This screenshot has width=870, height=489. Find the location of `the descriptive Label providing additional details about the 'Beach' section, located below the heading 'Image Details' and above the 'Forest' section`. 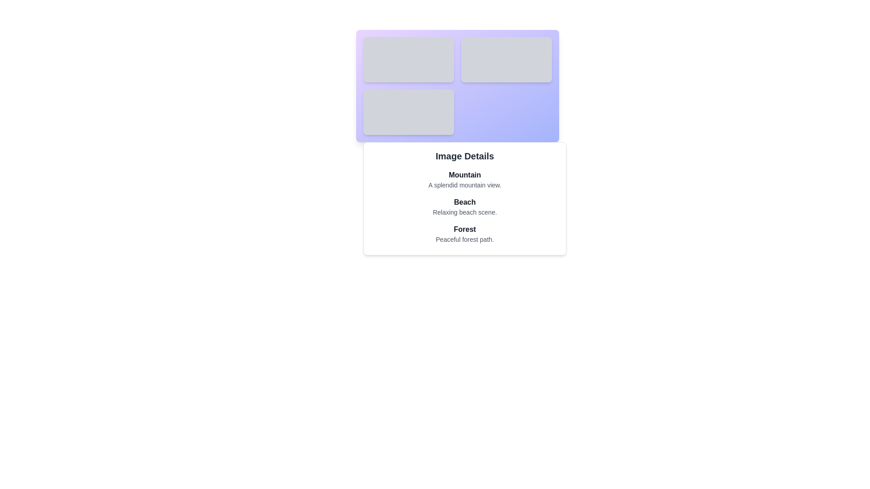

the descriptive Label providing additional details about the 'Beach' section, located below the heading 'Image Details' and above the 'Forest' section is located at coordinates (465, 212).